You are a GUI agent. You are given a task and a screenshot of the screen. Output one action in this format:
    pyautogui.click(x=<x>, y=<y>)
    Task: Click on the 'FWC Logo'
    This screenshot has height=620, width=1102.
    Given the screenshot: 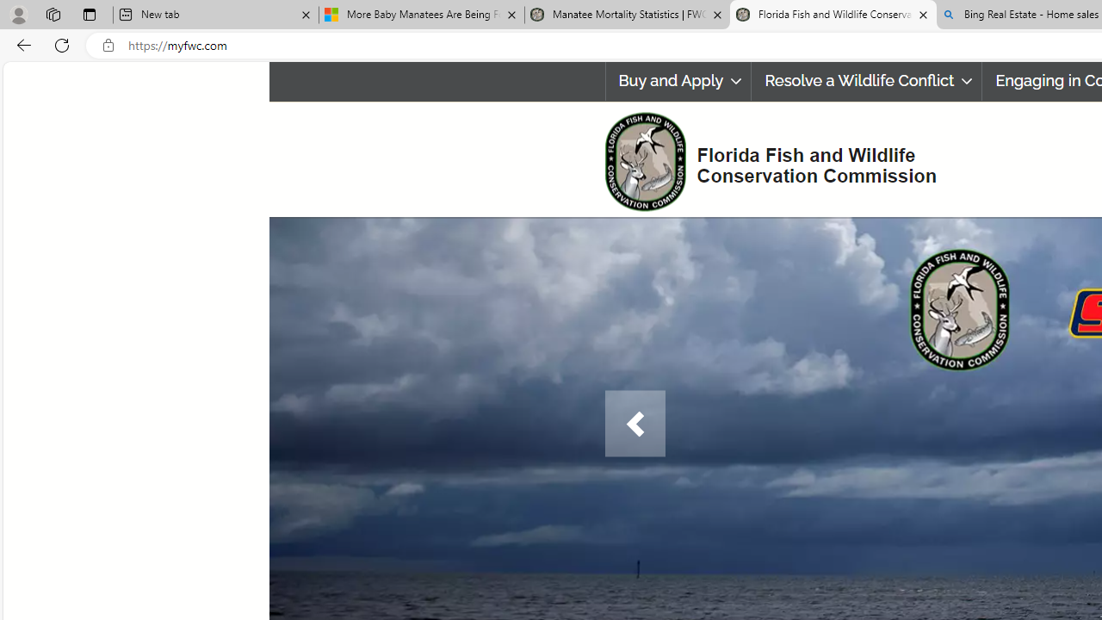 What is the action you would take?
    pyautogui.click(x=644, y=161)
    